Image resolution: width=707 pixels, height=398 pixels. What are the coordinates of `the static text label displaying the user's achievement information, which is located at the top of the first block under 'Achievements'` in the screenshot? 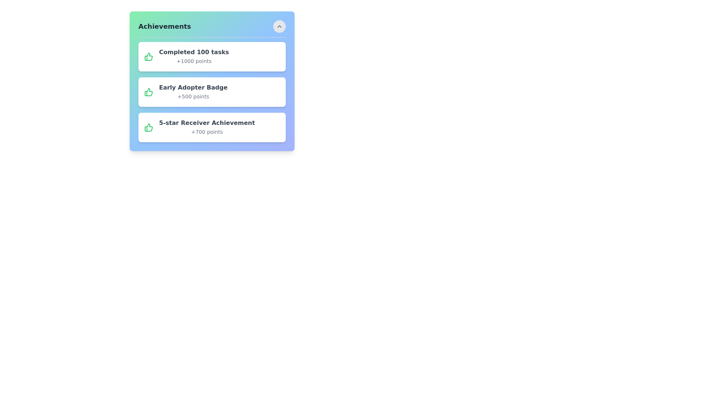 It's located at (194, 52).